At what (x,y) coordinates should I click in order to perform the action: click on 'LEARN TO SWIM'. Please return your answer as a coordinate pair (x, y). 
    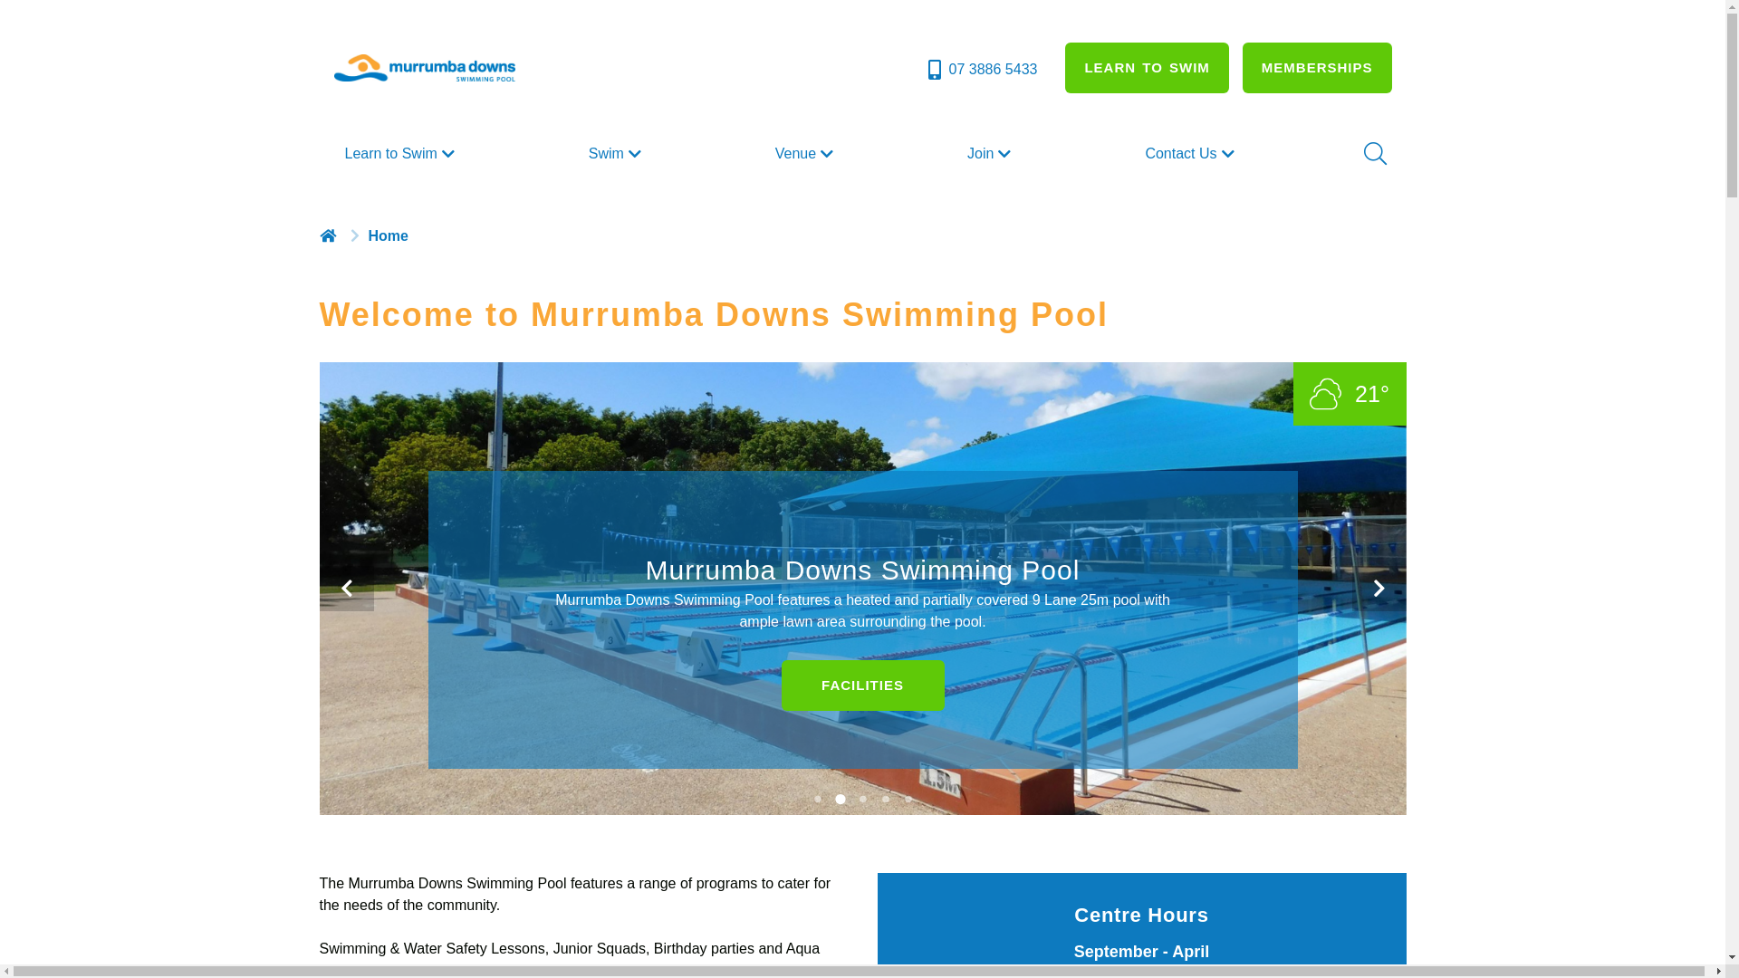
    Looking at the image, I should click on (1065, 66).